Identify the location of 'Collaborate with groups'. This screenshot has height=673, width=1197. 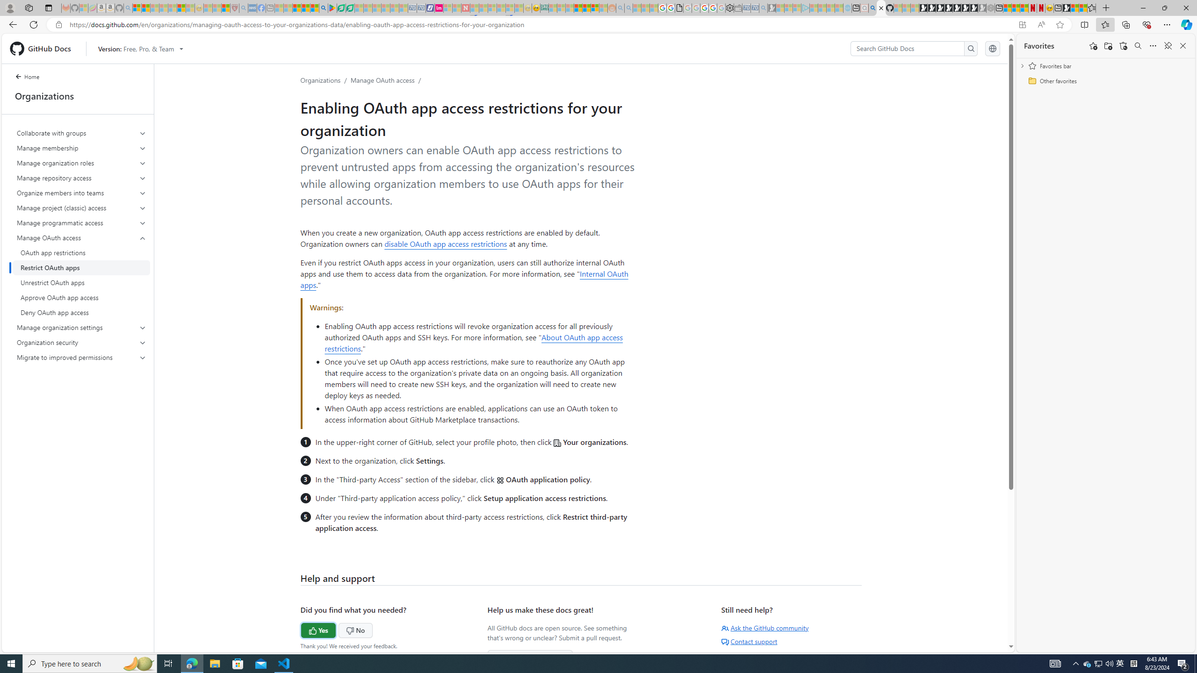
(82, 133).